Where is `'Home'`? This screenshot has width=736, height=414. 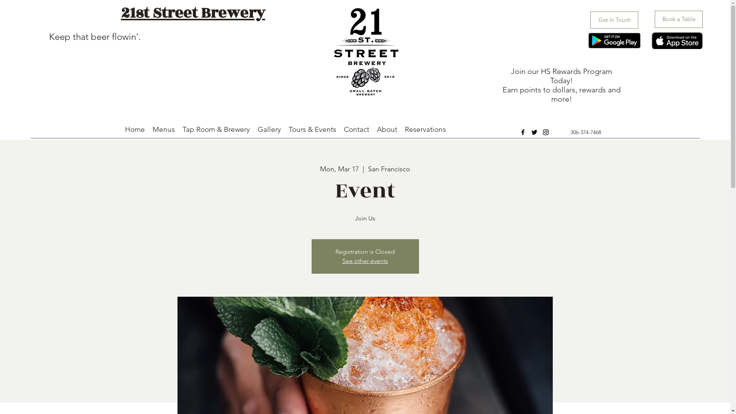
'Home' is located at coordinates (121, 129).